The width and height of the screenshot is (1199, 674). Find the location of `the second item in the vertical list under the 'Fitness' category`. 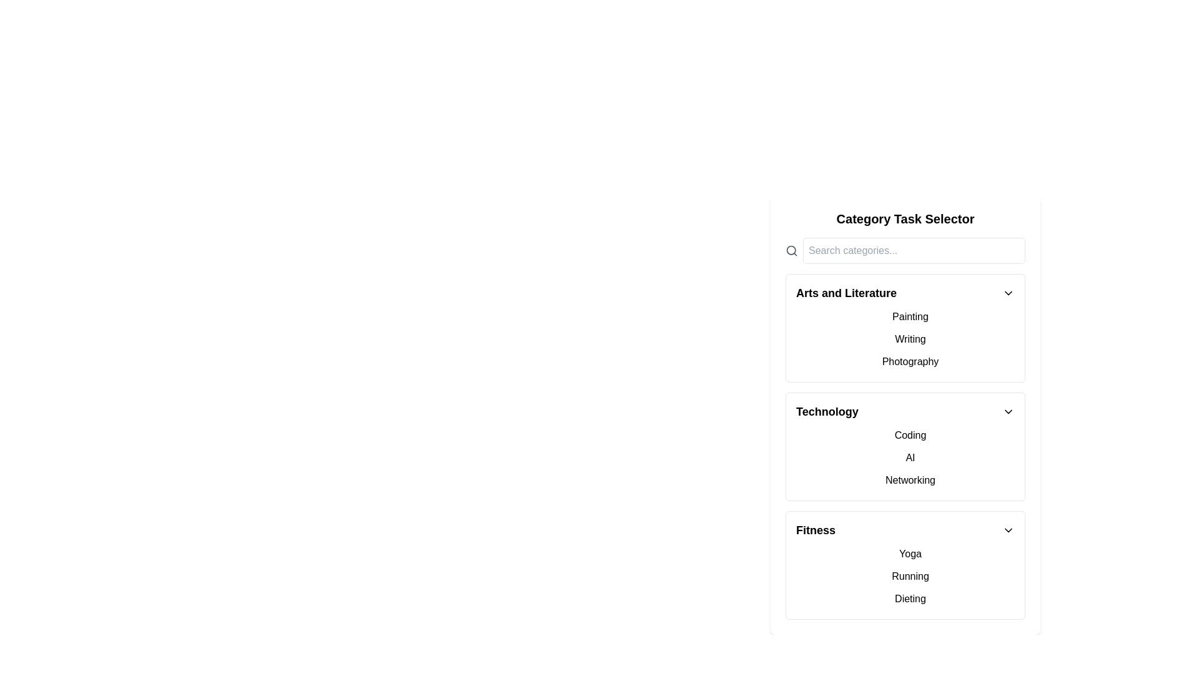

the second item in the vertical list under the 'Fitness' category is located at coordinates (910, 577).